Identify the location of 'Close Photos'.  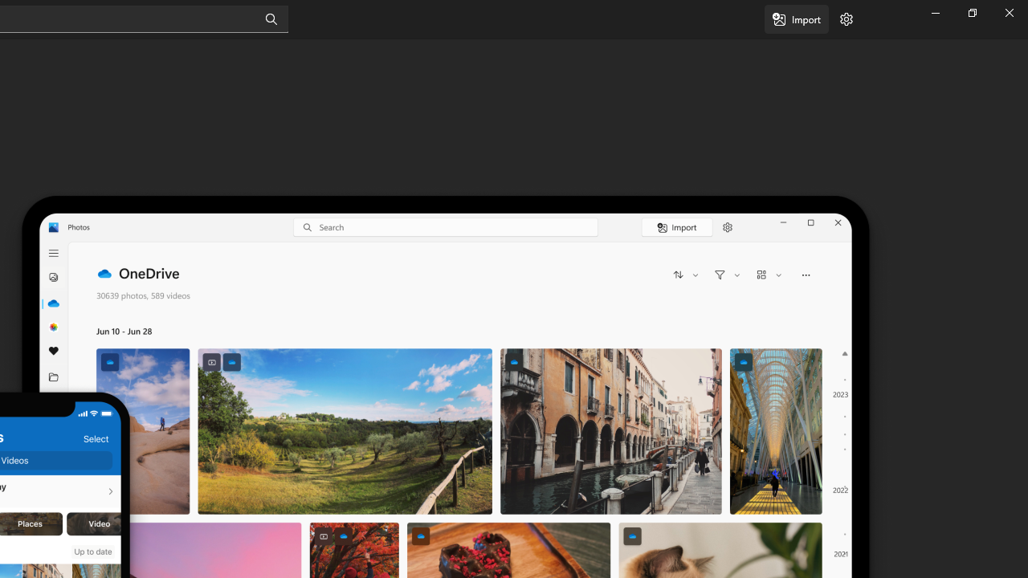
(1008, 12).